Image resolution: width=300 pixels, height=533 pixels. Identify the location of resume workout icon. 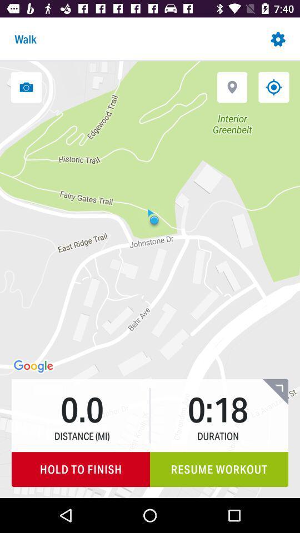
(219, 469).